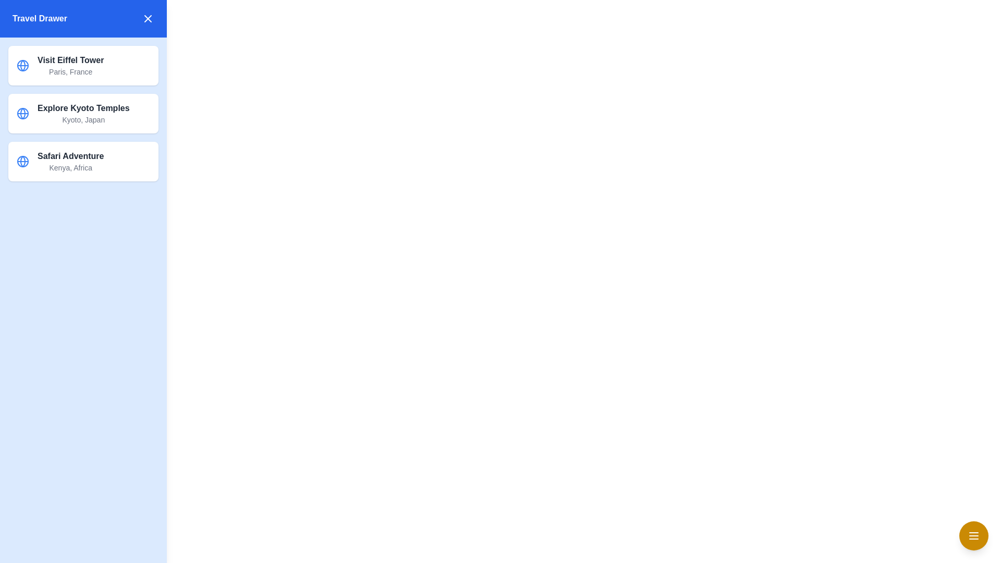 Image resolution: width=1001 pixels, height=563 pixels. I want to click on the text label displaying 'Paris, France', located beneath the title 'Visit Eiffel Tower' in the first card of the left-side panel, so click(70, 71).